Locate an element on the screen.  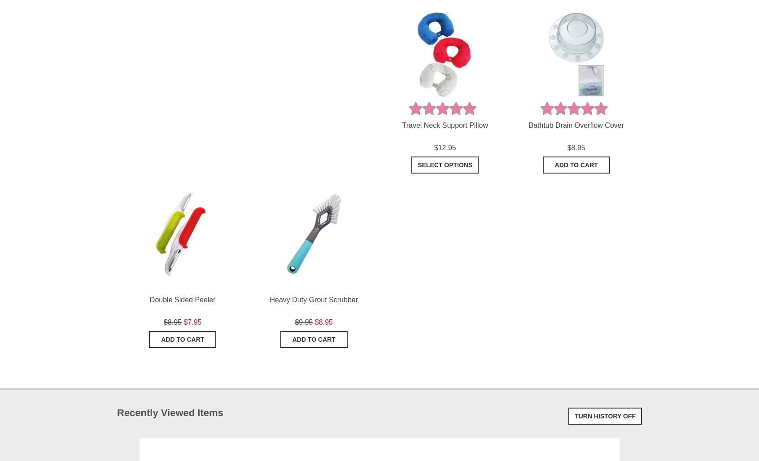
'Travel Neck Support Pillow' is located at coordinates (444, 125).